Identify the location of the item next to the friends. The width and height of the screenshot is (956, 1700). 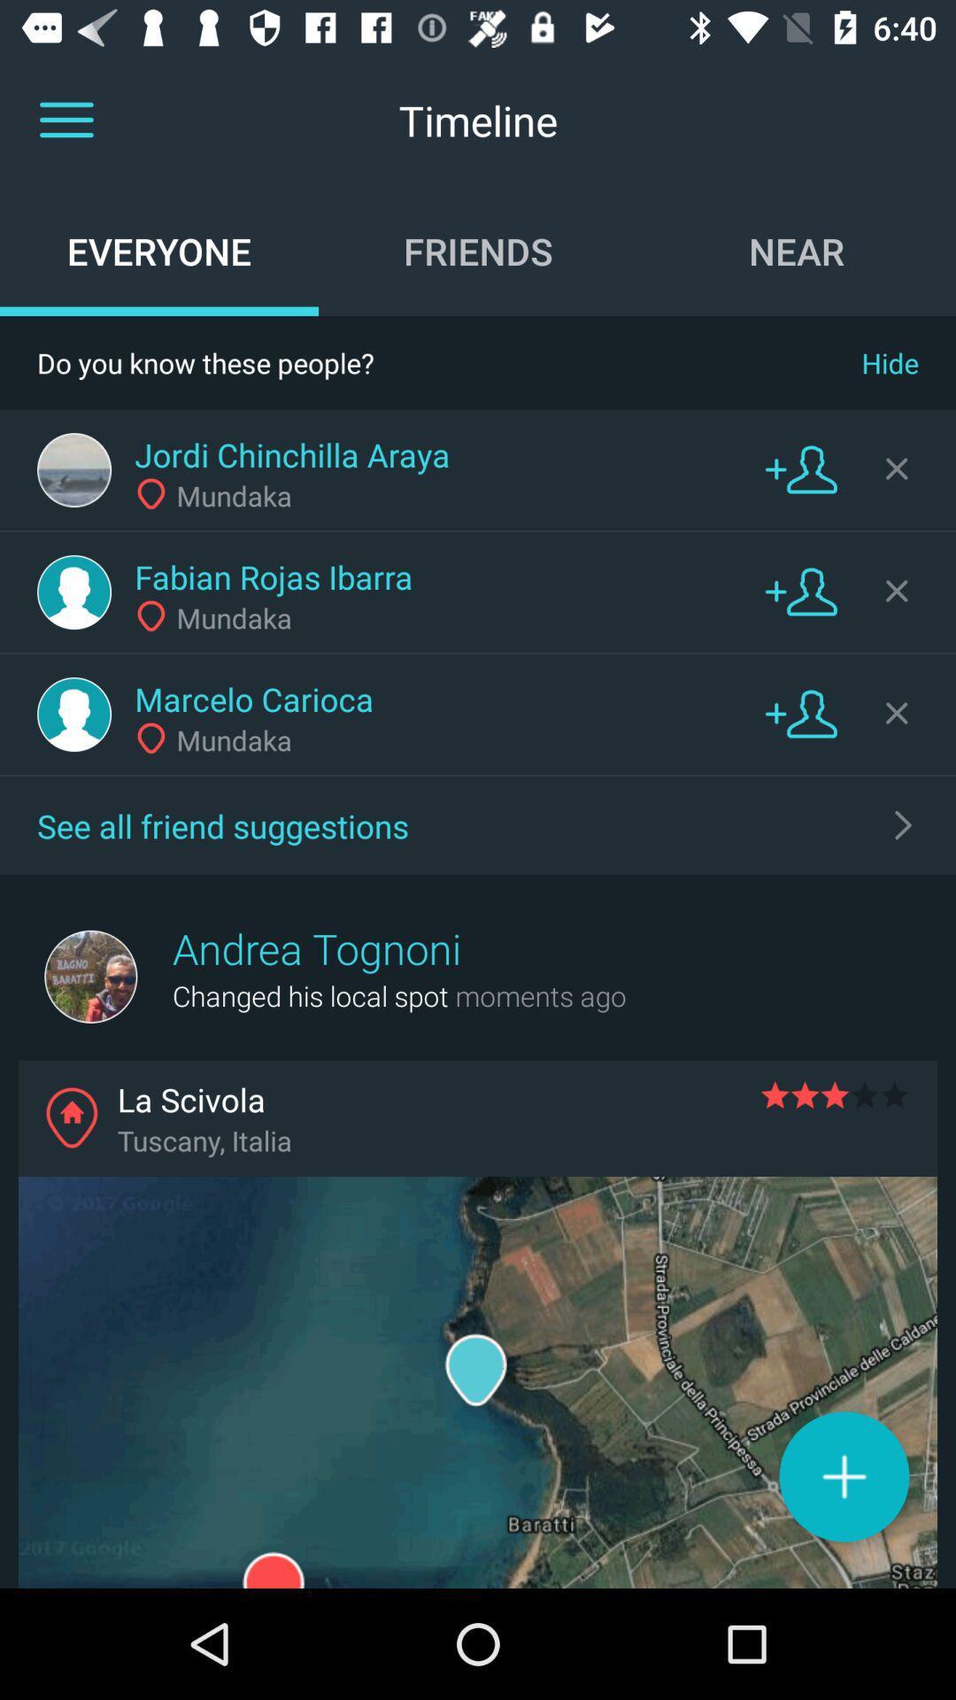
(159, 250).